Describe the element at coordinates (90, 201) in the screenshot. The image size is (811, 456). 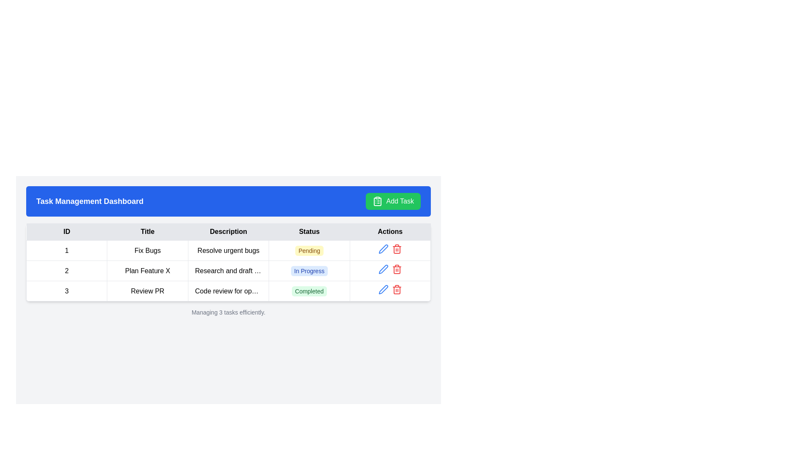
I see `text label that serves as the title or header for the task management dashboard, located in the middle-left of a blue banner at the top of the main content area` at that location.